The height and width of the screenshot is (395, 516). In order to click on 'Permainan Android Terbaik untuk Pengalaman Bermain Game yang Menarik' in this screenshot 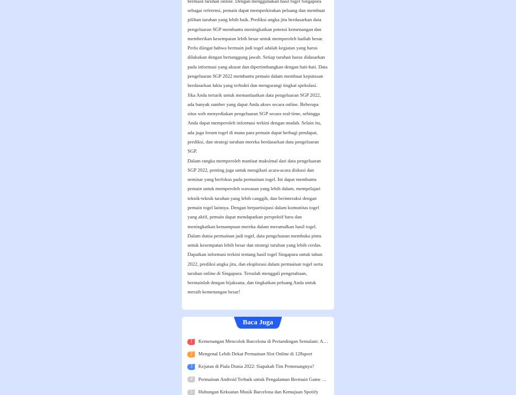, I will do `click(197, 378)`.